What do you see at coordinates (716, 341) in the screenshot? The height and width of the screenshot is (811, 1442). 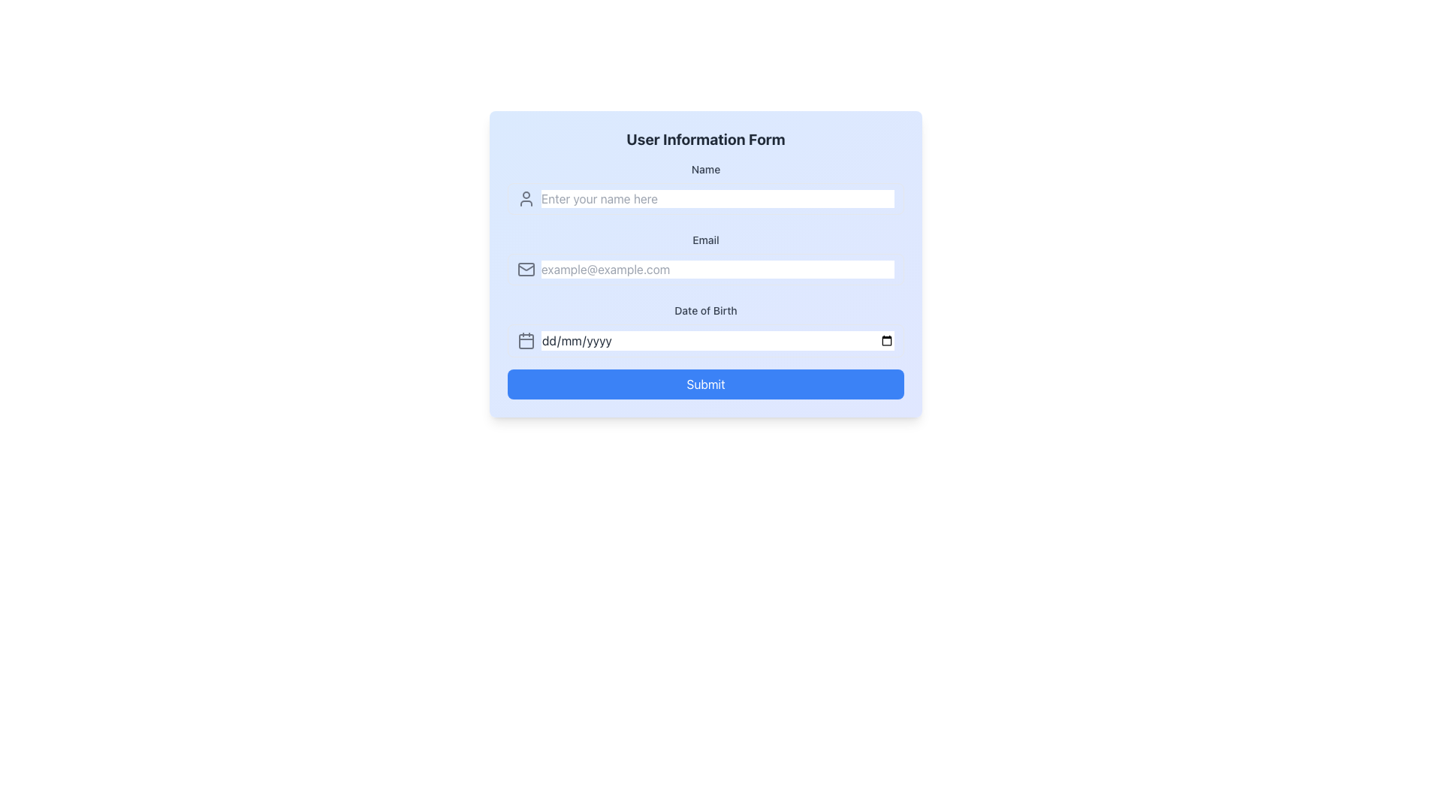 I see `the Date input field for entering the date of birth located within the 'Date of Birth' section of the form` at bounding box center [716, 341].